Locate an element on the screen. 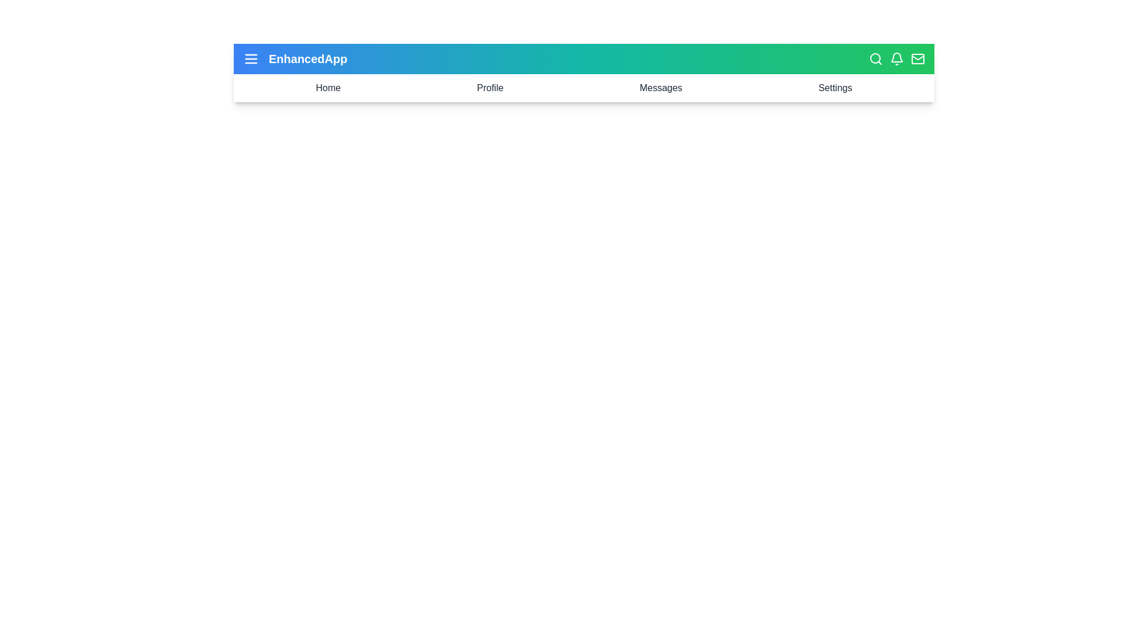  the mail icon in the EnhancedAppBar to check messages is located at coordinates (917, 58).